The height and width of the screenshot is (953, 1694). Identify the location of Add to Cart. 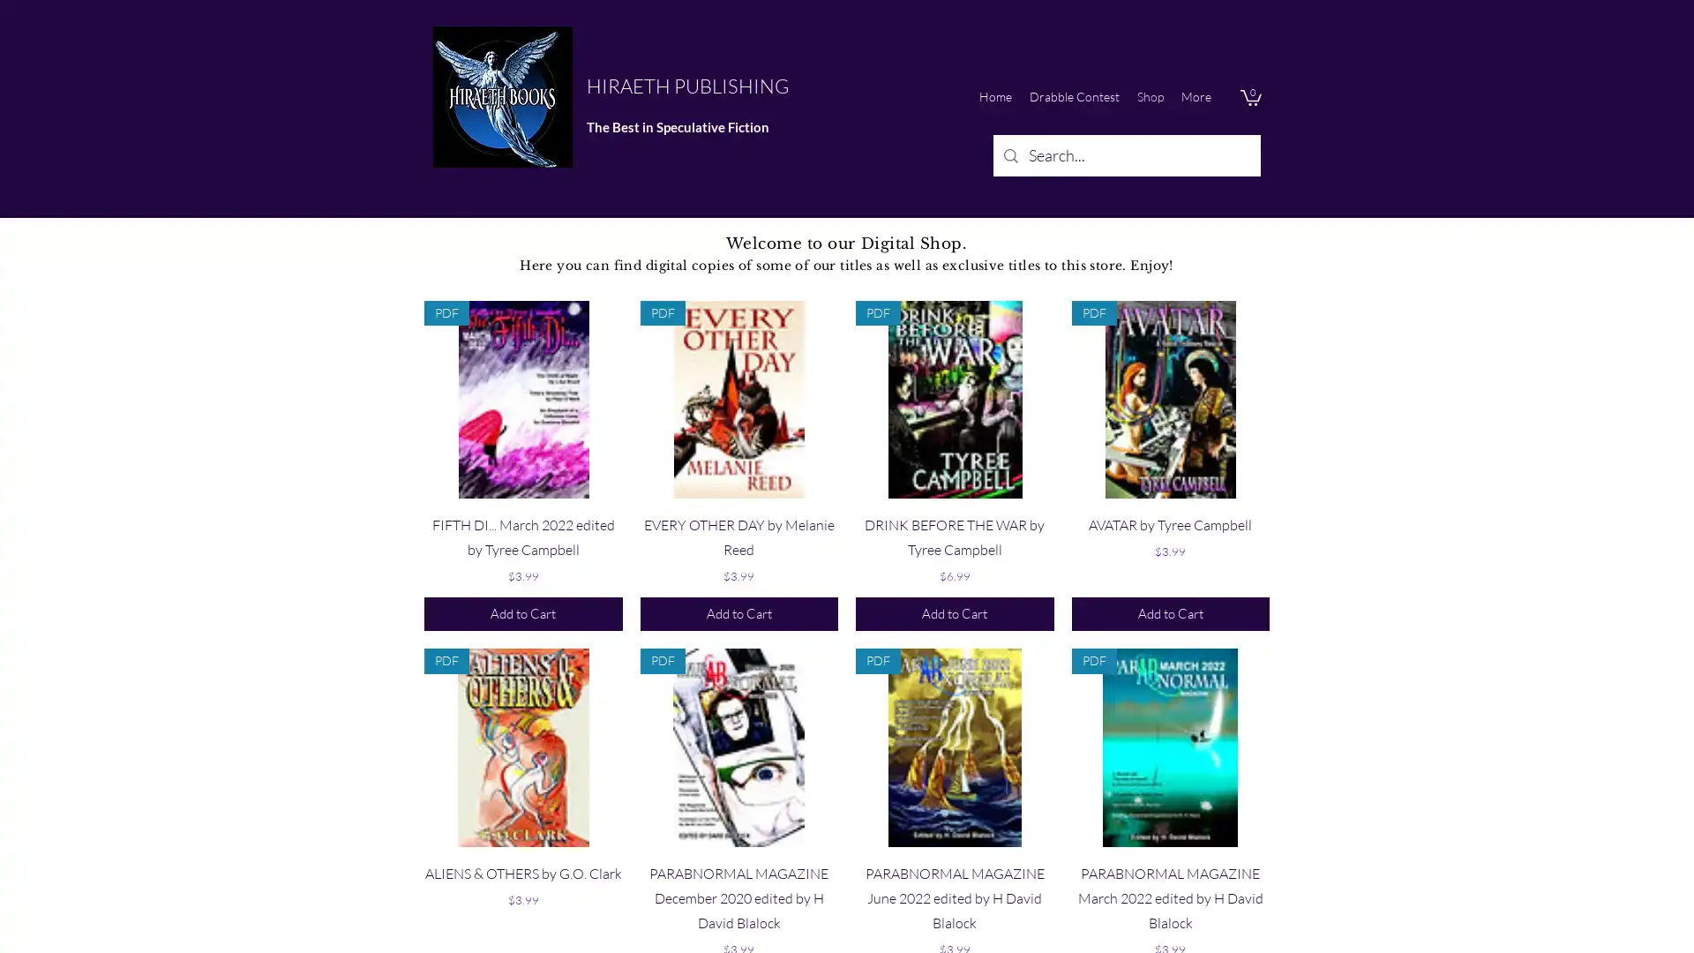
(1170, 612).